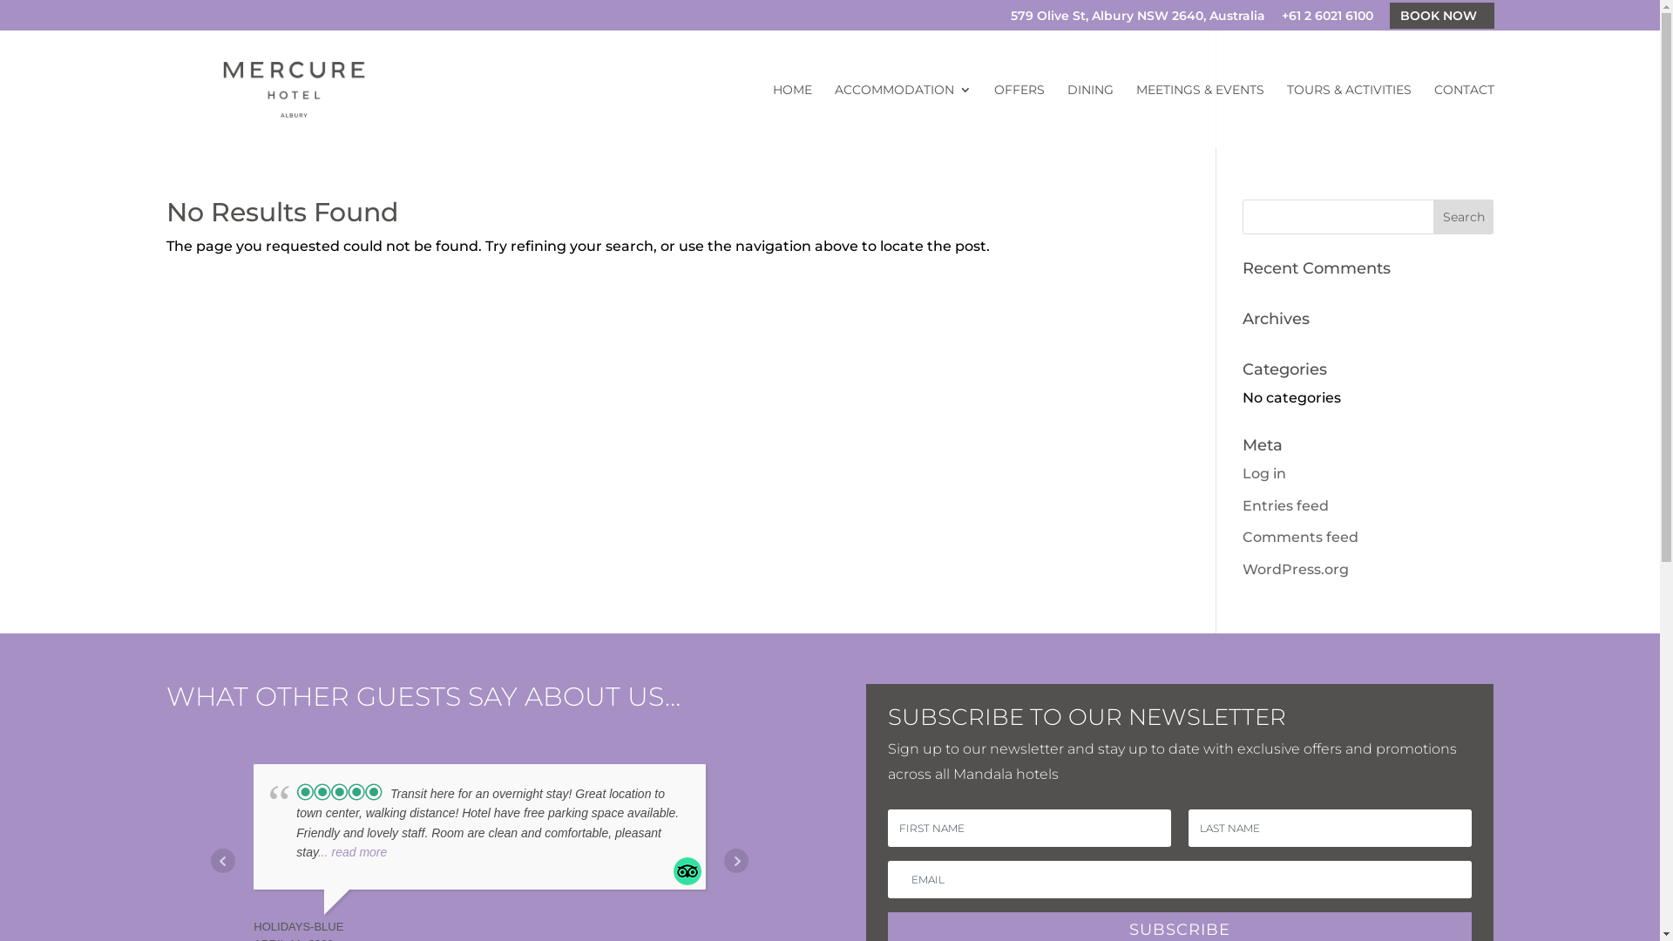 Image resolution: width=1673 pixels, height=941 pixels. Describe the element at coordinates (1066, 116) in the screenshot. I see `'DINING'` at that location.